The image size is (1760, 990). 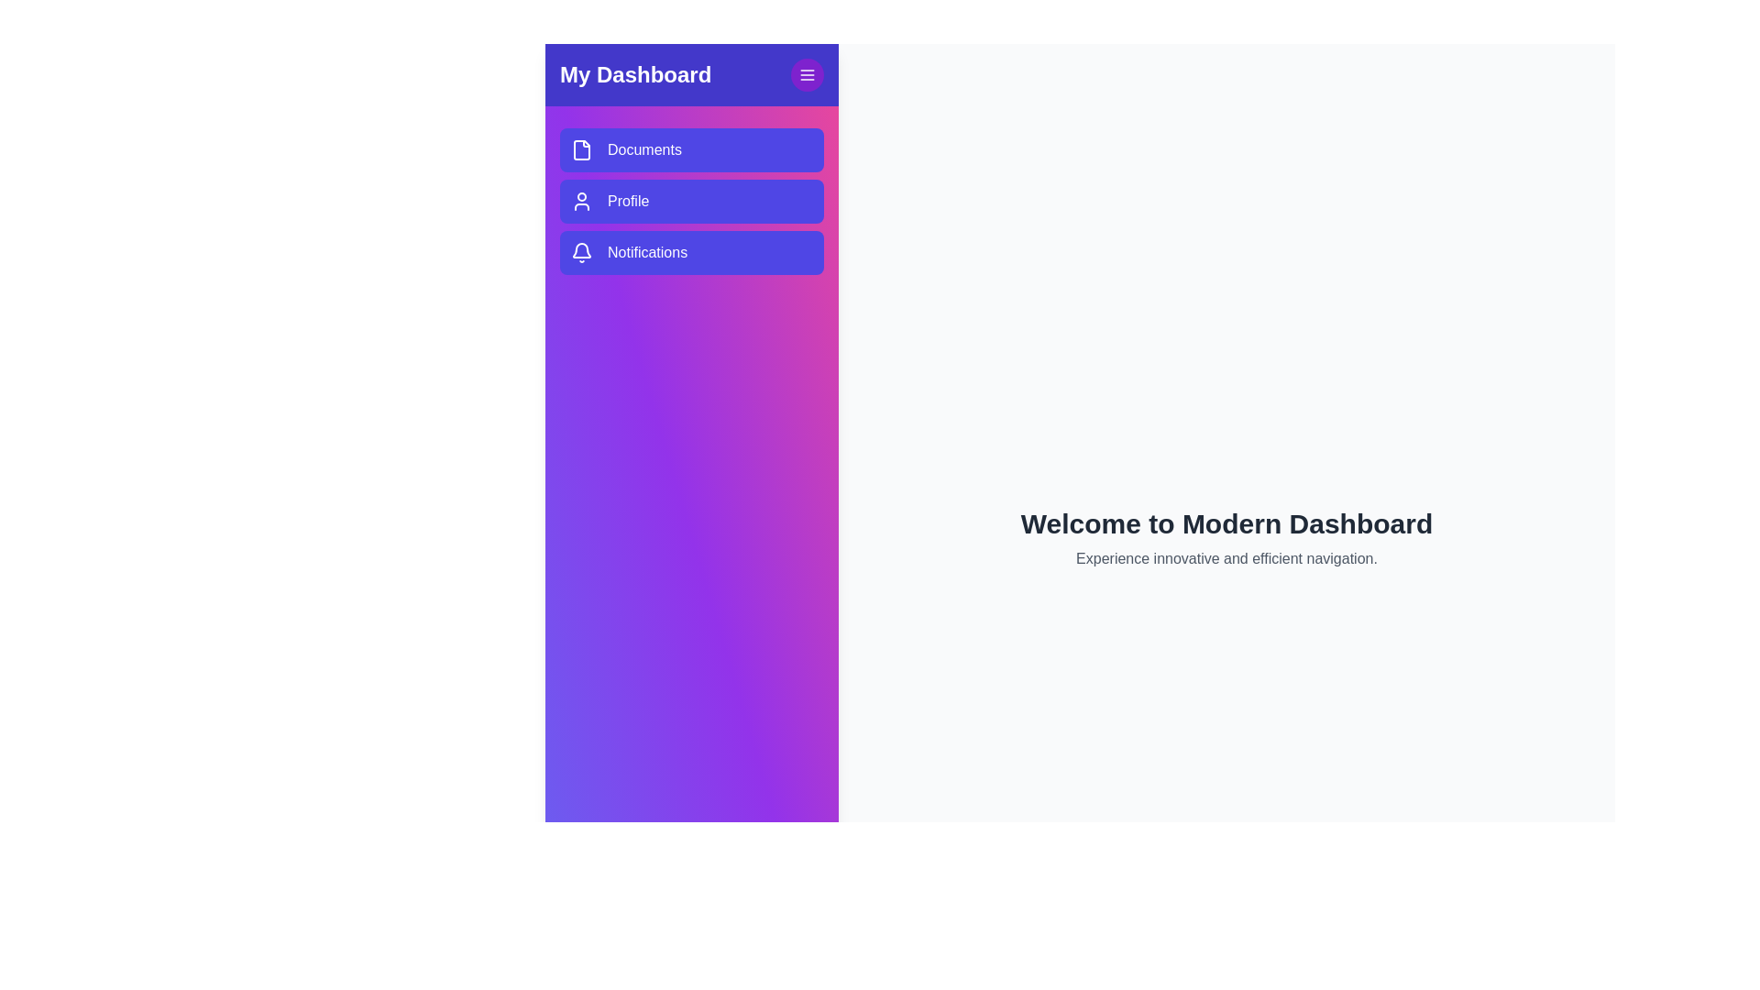 What do you see at coordinates (690, 149) in the screenshot?
I see `the 'Documents' button` at bounding box center [690, 149].